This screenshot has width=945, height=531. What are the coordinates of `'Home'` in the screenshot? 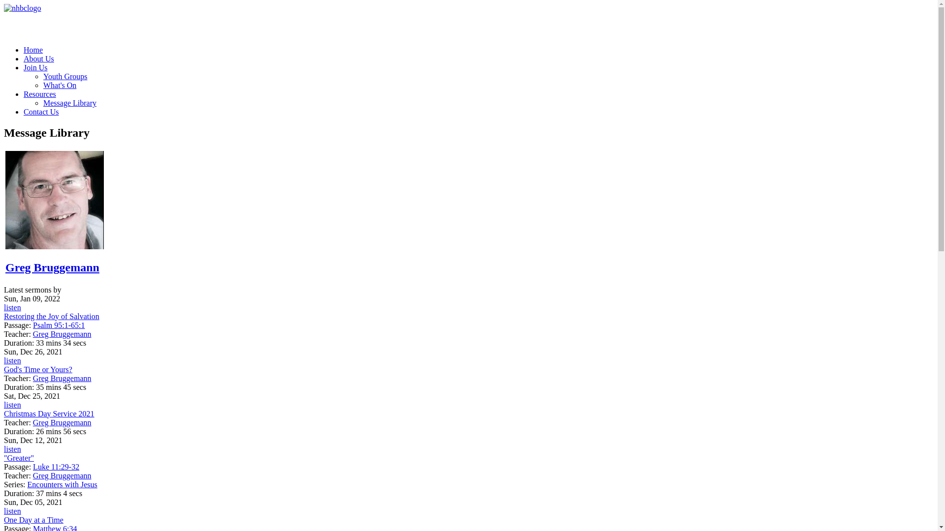 It's located at (24, 50).